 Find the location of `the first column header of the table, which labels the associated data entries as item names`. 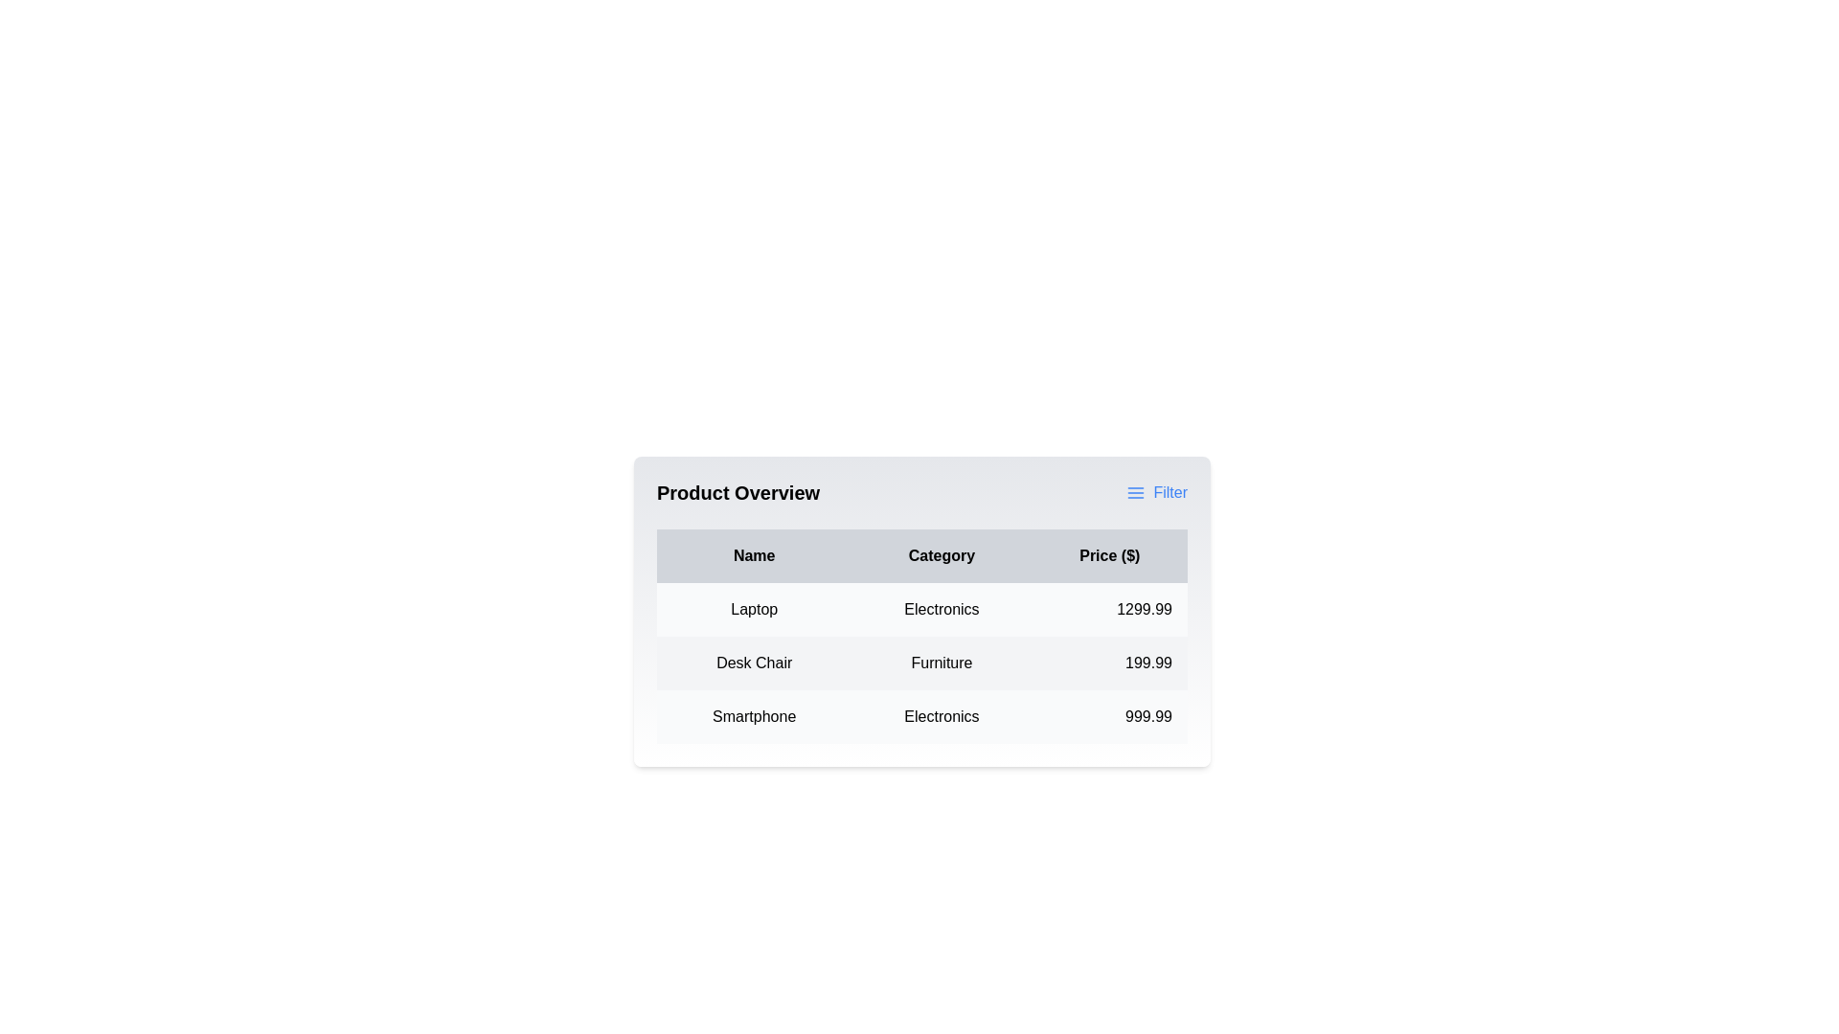

the first column header of the table, which labels the associated data entries as item names is located at coordinates (753, 556).